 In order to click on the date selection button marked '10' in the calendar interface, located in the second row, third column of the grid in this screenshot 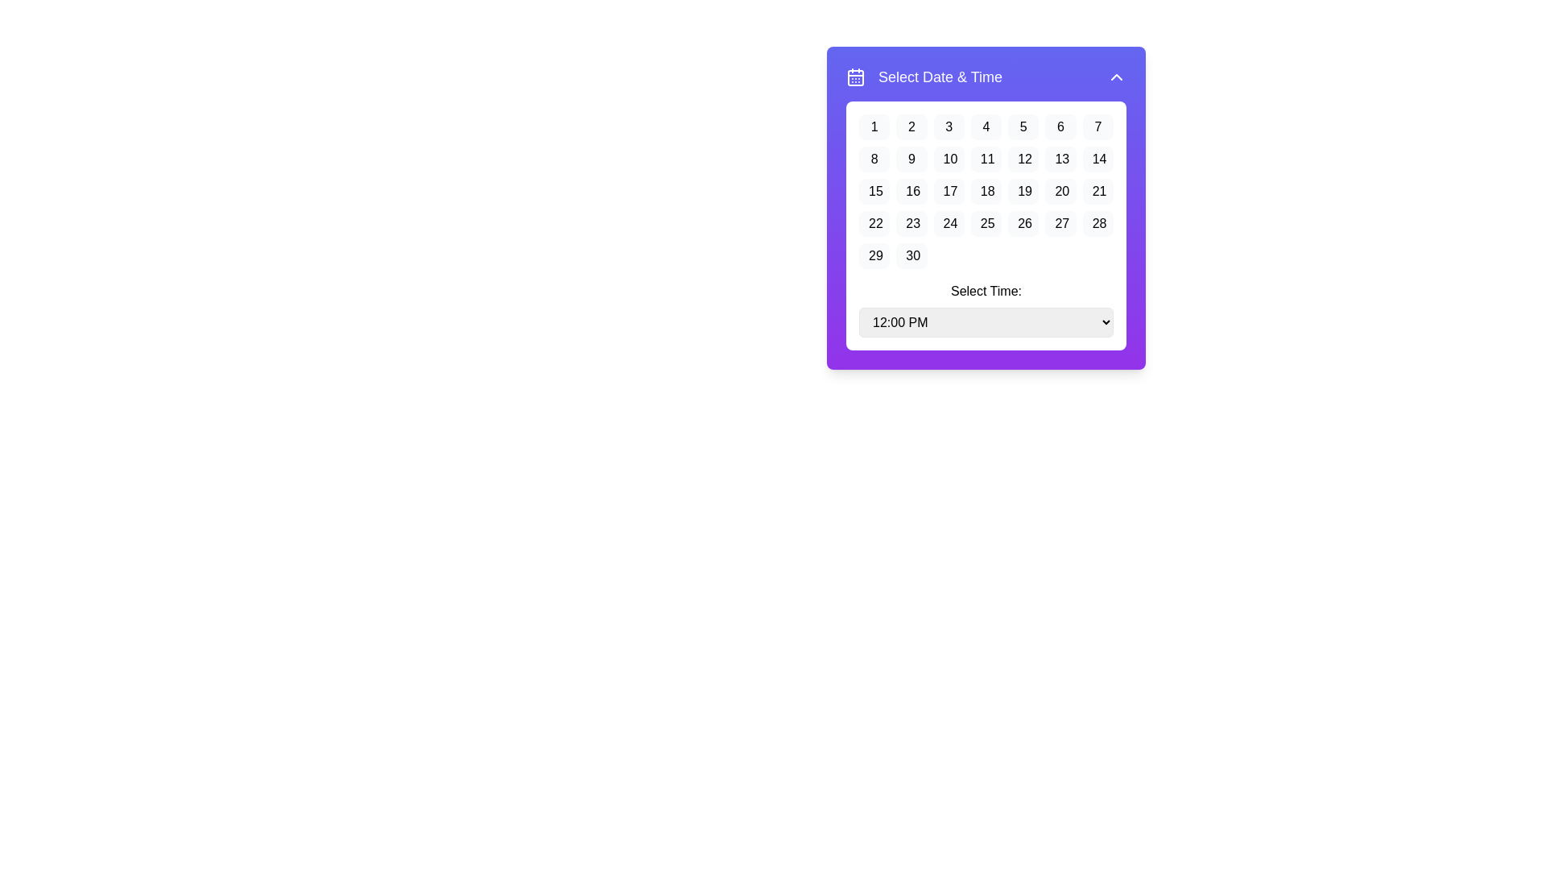, I will do `click(949, 159)`.